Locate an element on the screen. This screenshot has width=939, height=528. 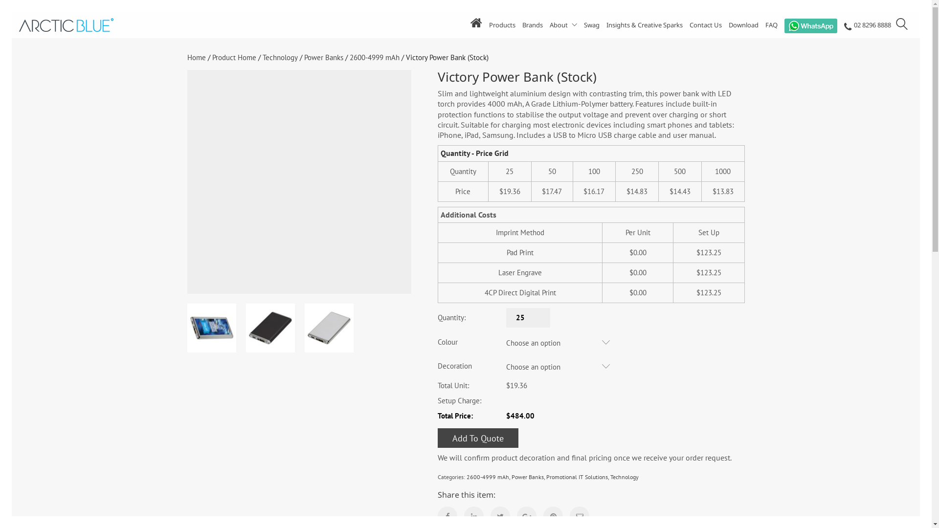
'Qty' is located at coordinates (506, 318).